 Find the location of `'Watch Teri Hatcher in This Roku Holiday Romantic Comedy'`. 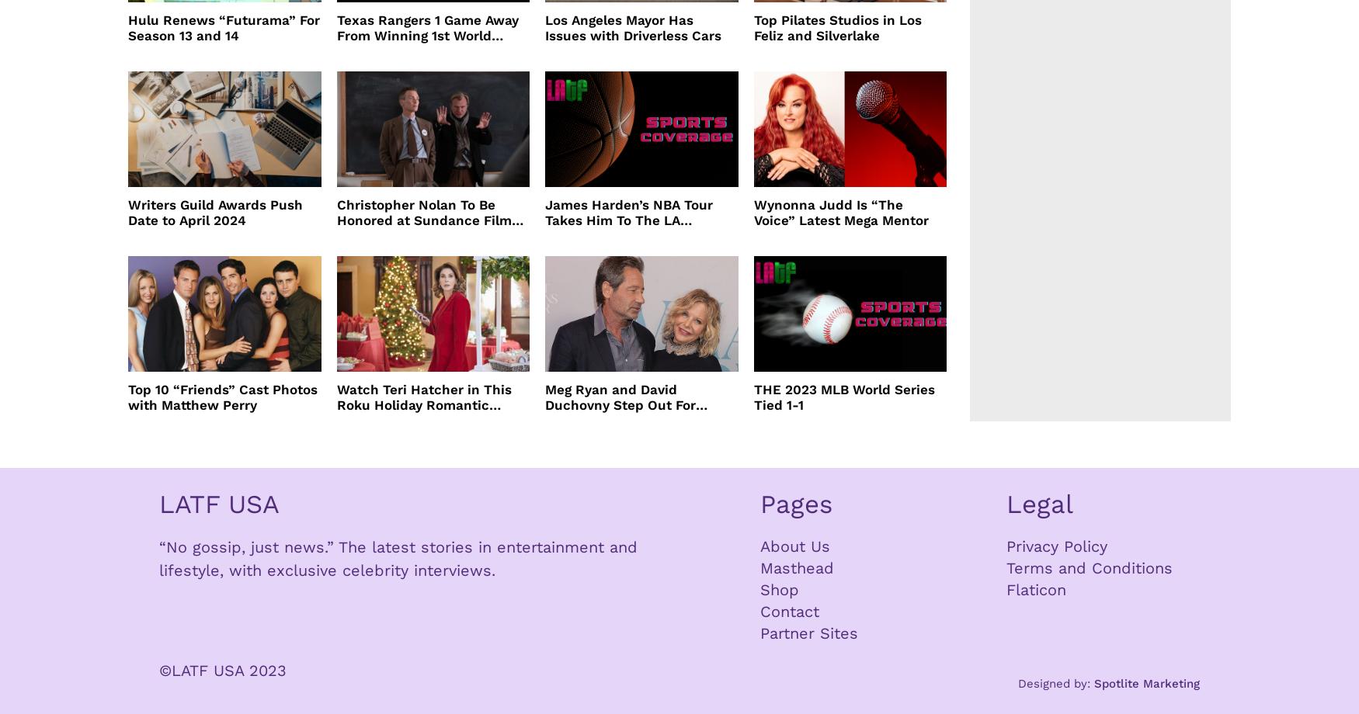

'Watch Teri Hatcher in This Roku Holiday Romantic Comedy' is located at coordinates (335, 404).